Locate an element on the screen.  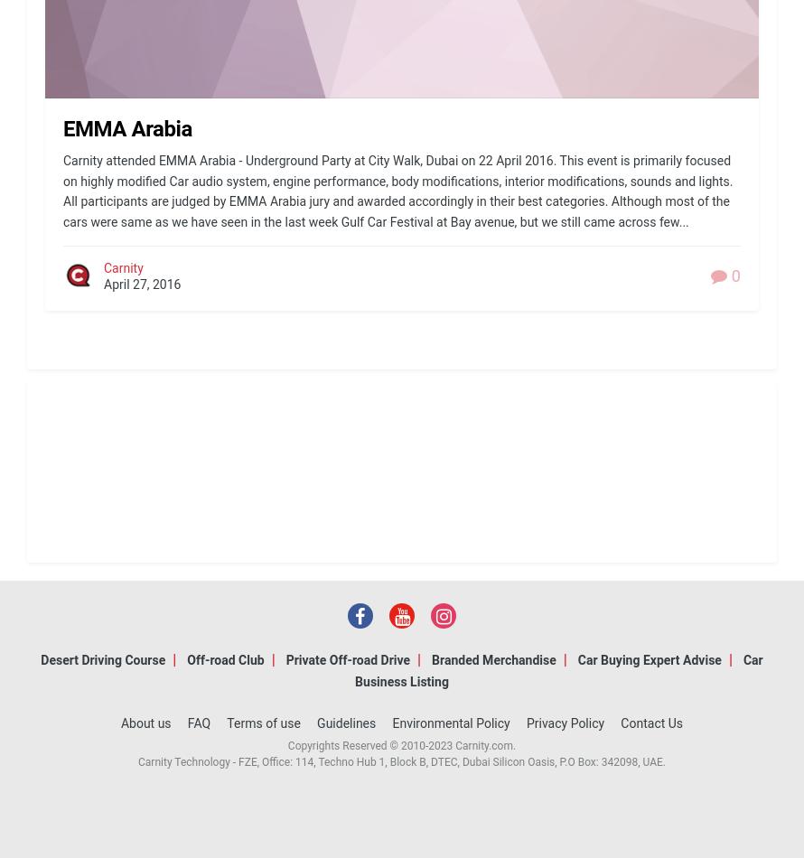
'Car Buying Expert Advise' is located at coordinates (648, 659).